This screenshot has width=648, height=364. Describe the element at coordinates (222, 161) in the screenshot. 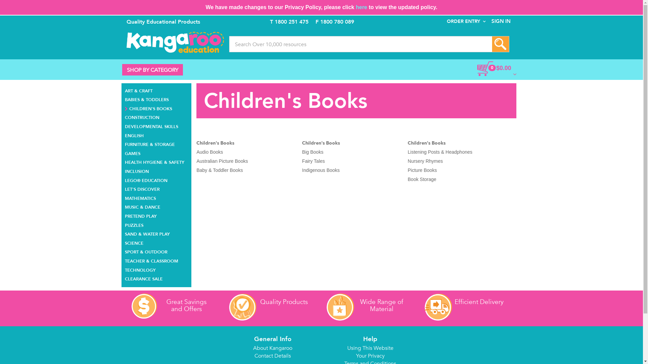

I see `'Australian Picture Books'` at that location.